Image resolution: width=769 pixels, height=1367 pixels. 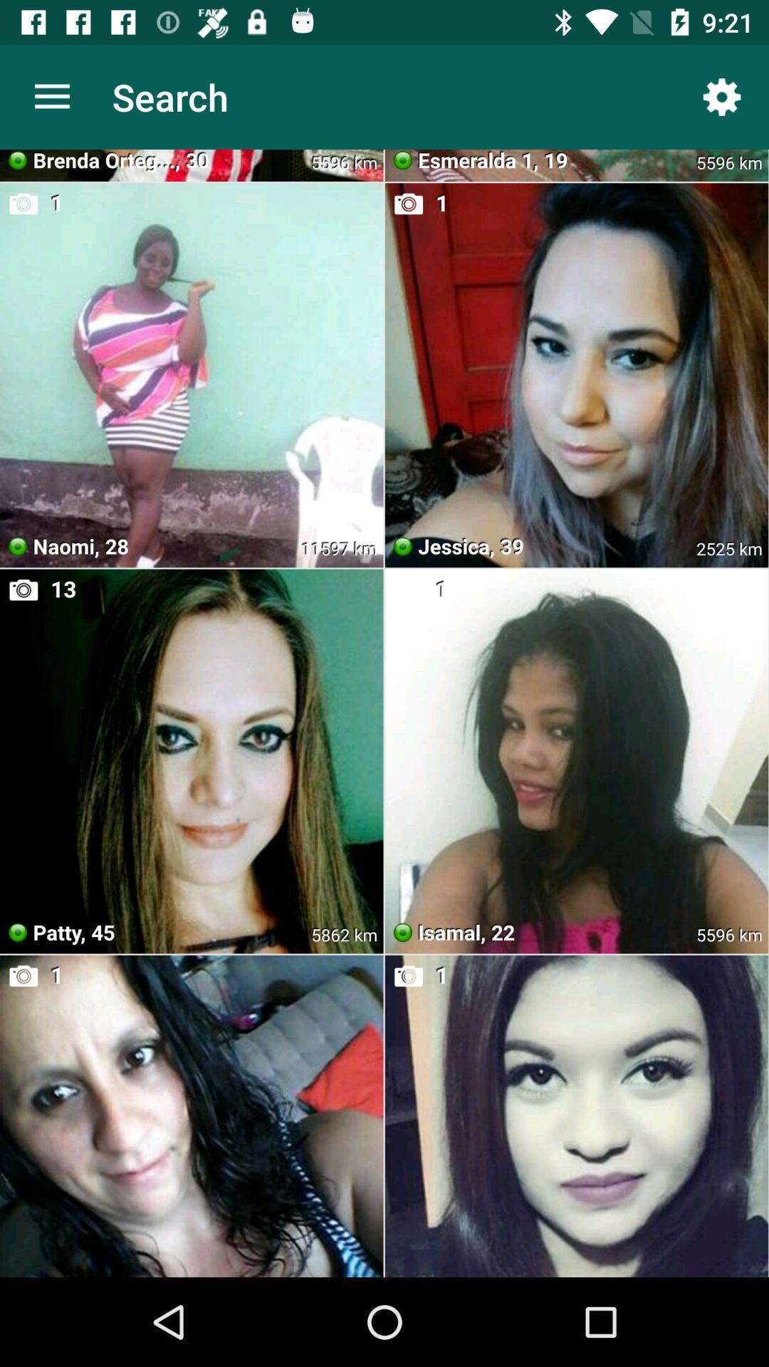 I want to click on the icon next to the search app, so click(x=51, y=96).